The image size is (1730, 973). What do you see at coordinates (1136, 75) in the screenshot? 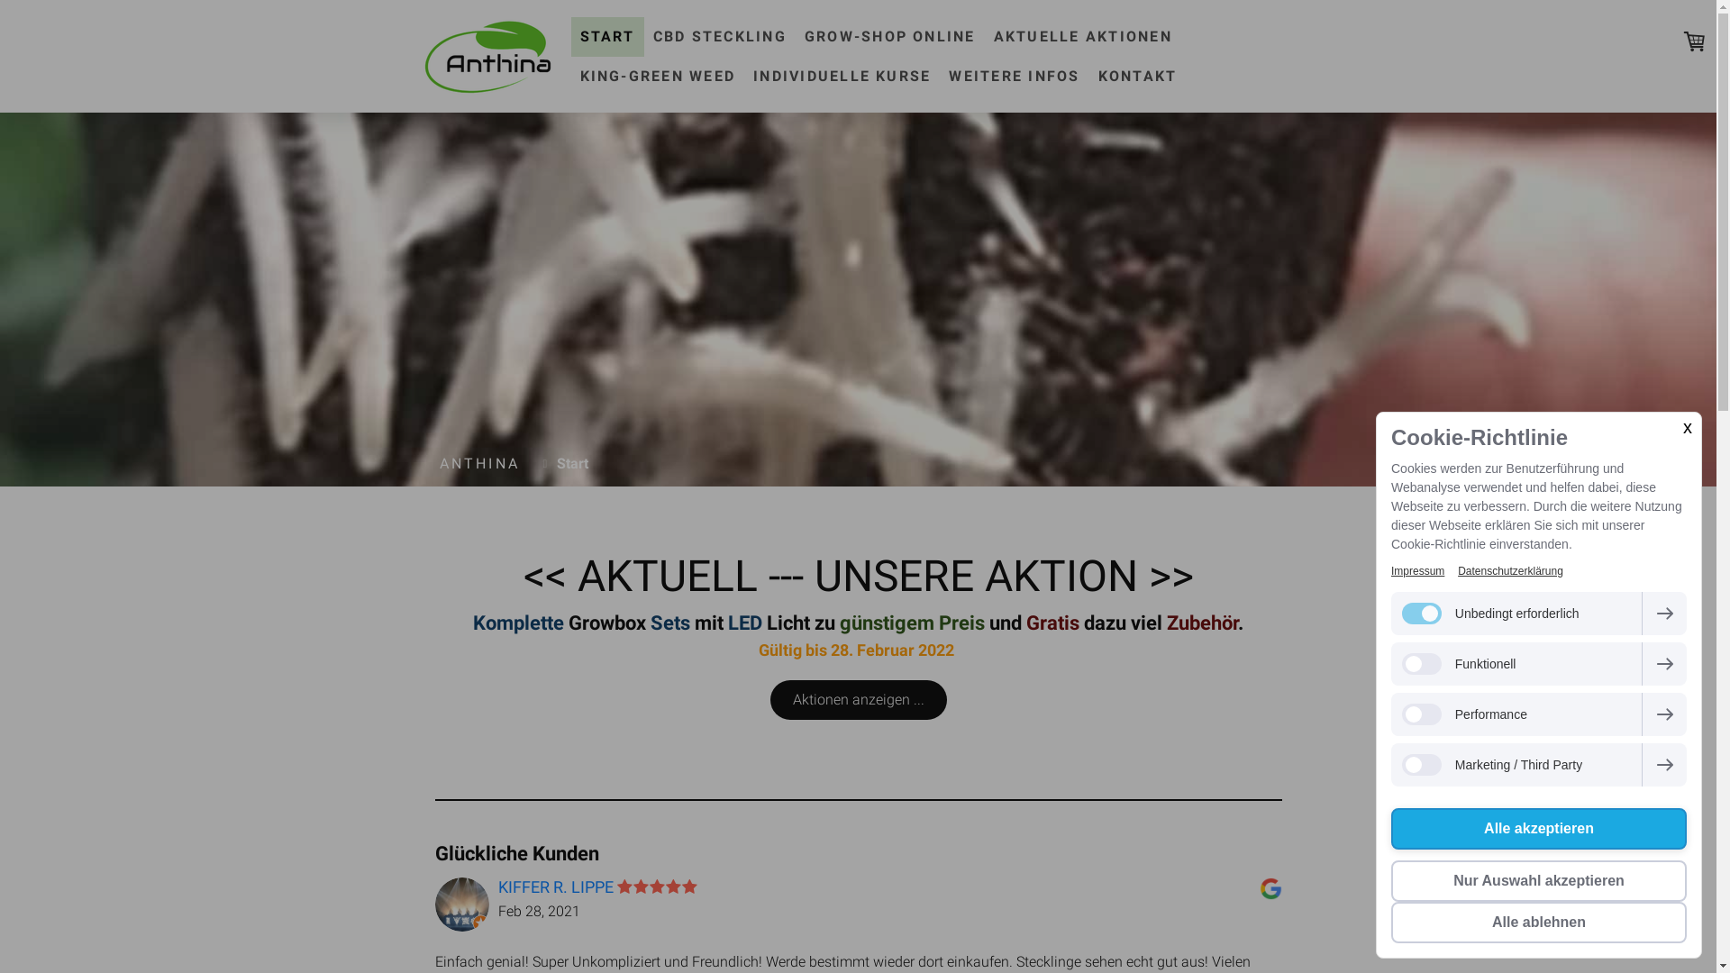
I see `'KONTAKT'` at bounding box center [1136, 75].